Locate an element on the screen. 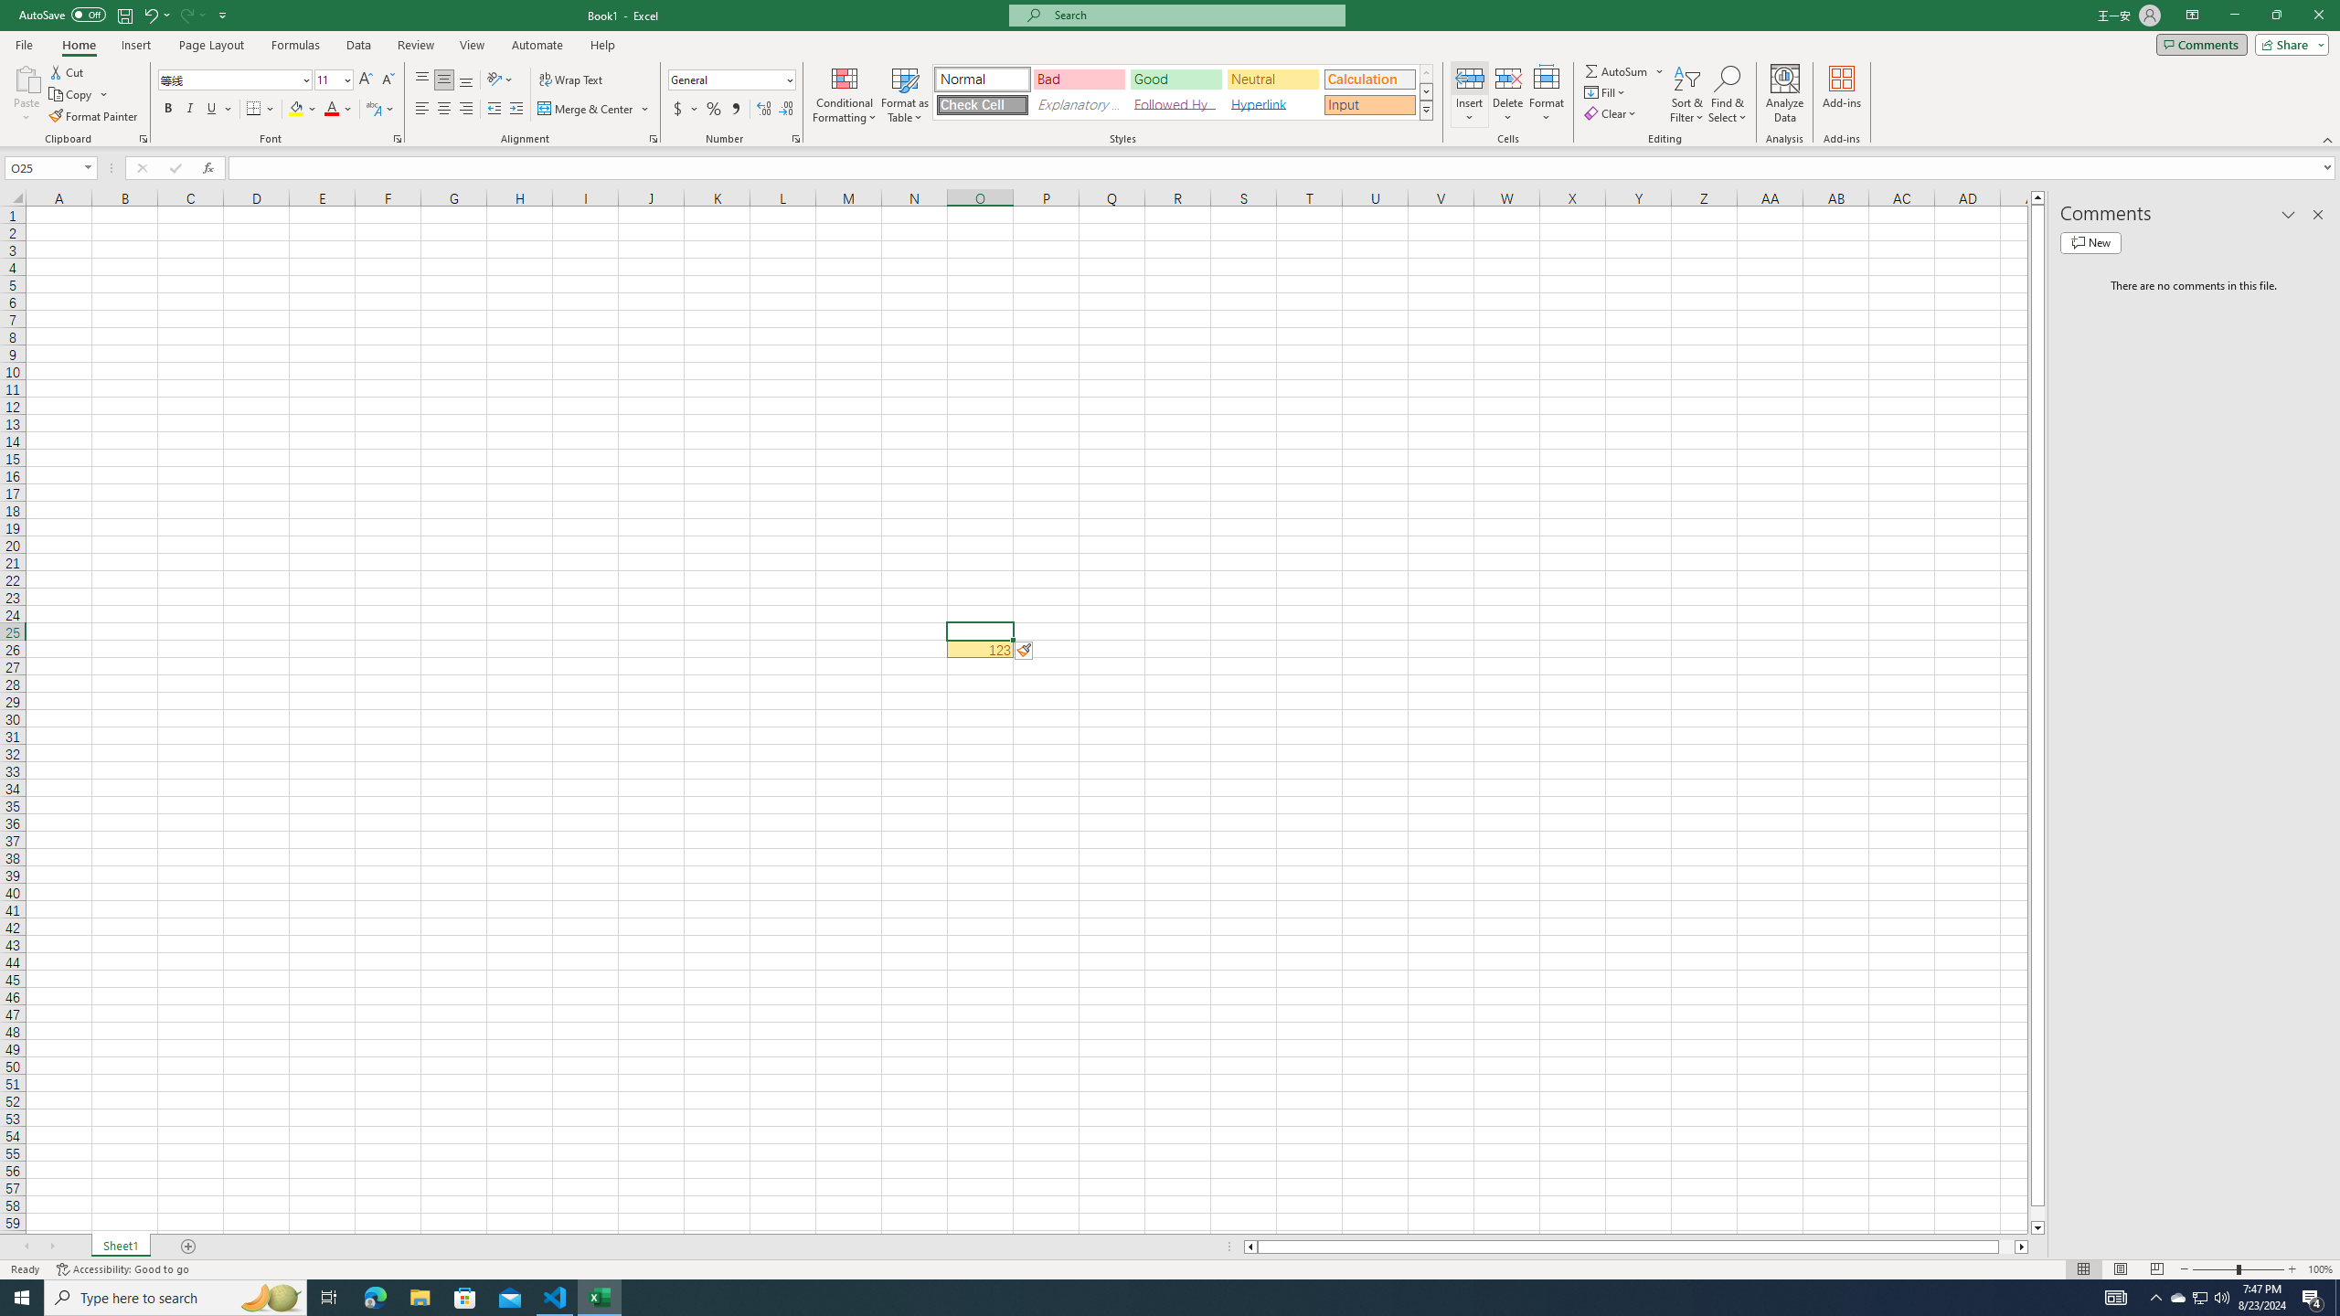 The height and width of the screenshot is (1316, 2340). 'Scroll Left' is located at coordinates (26, 1246).